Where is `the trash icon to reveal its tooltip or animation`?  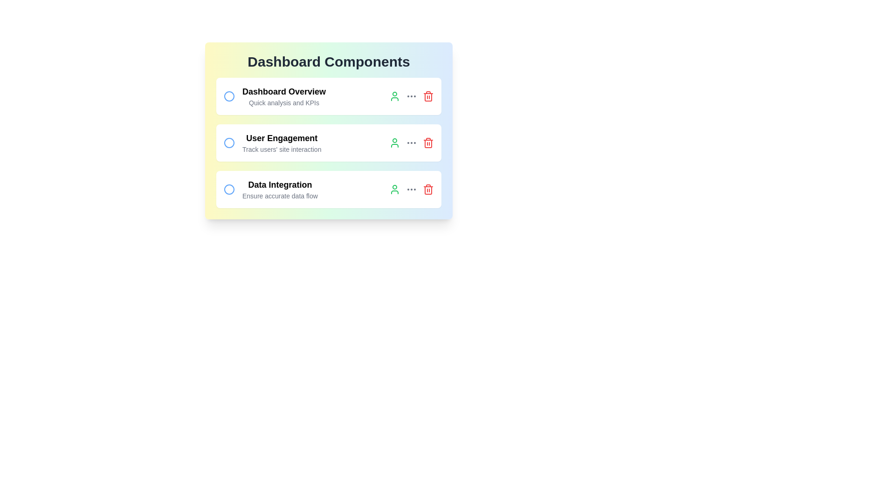
the trash icon to reveal its tooltip or animation is located at coordinates (427, 96).